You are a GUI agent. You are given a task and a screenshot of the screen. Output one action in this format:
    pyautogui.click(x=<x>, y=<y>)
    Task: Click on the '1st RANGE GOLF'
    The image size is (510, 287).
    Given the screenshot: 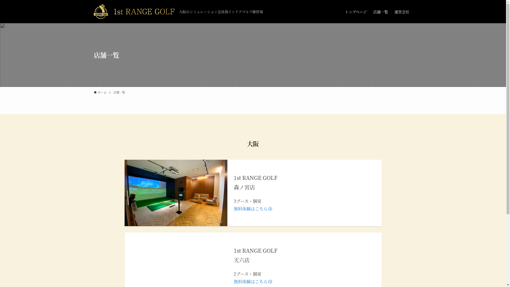 What is the action you would take?
    pyautogui.click(x=134, y=11)
    